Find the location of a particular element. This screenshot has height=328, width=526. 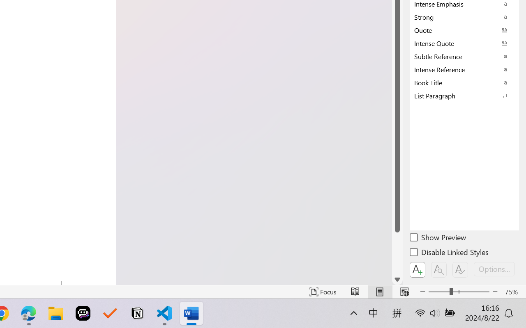

'Intense Quote' is located at coordinates (464, 43).